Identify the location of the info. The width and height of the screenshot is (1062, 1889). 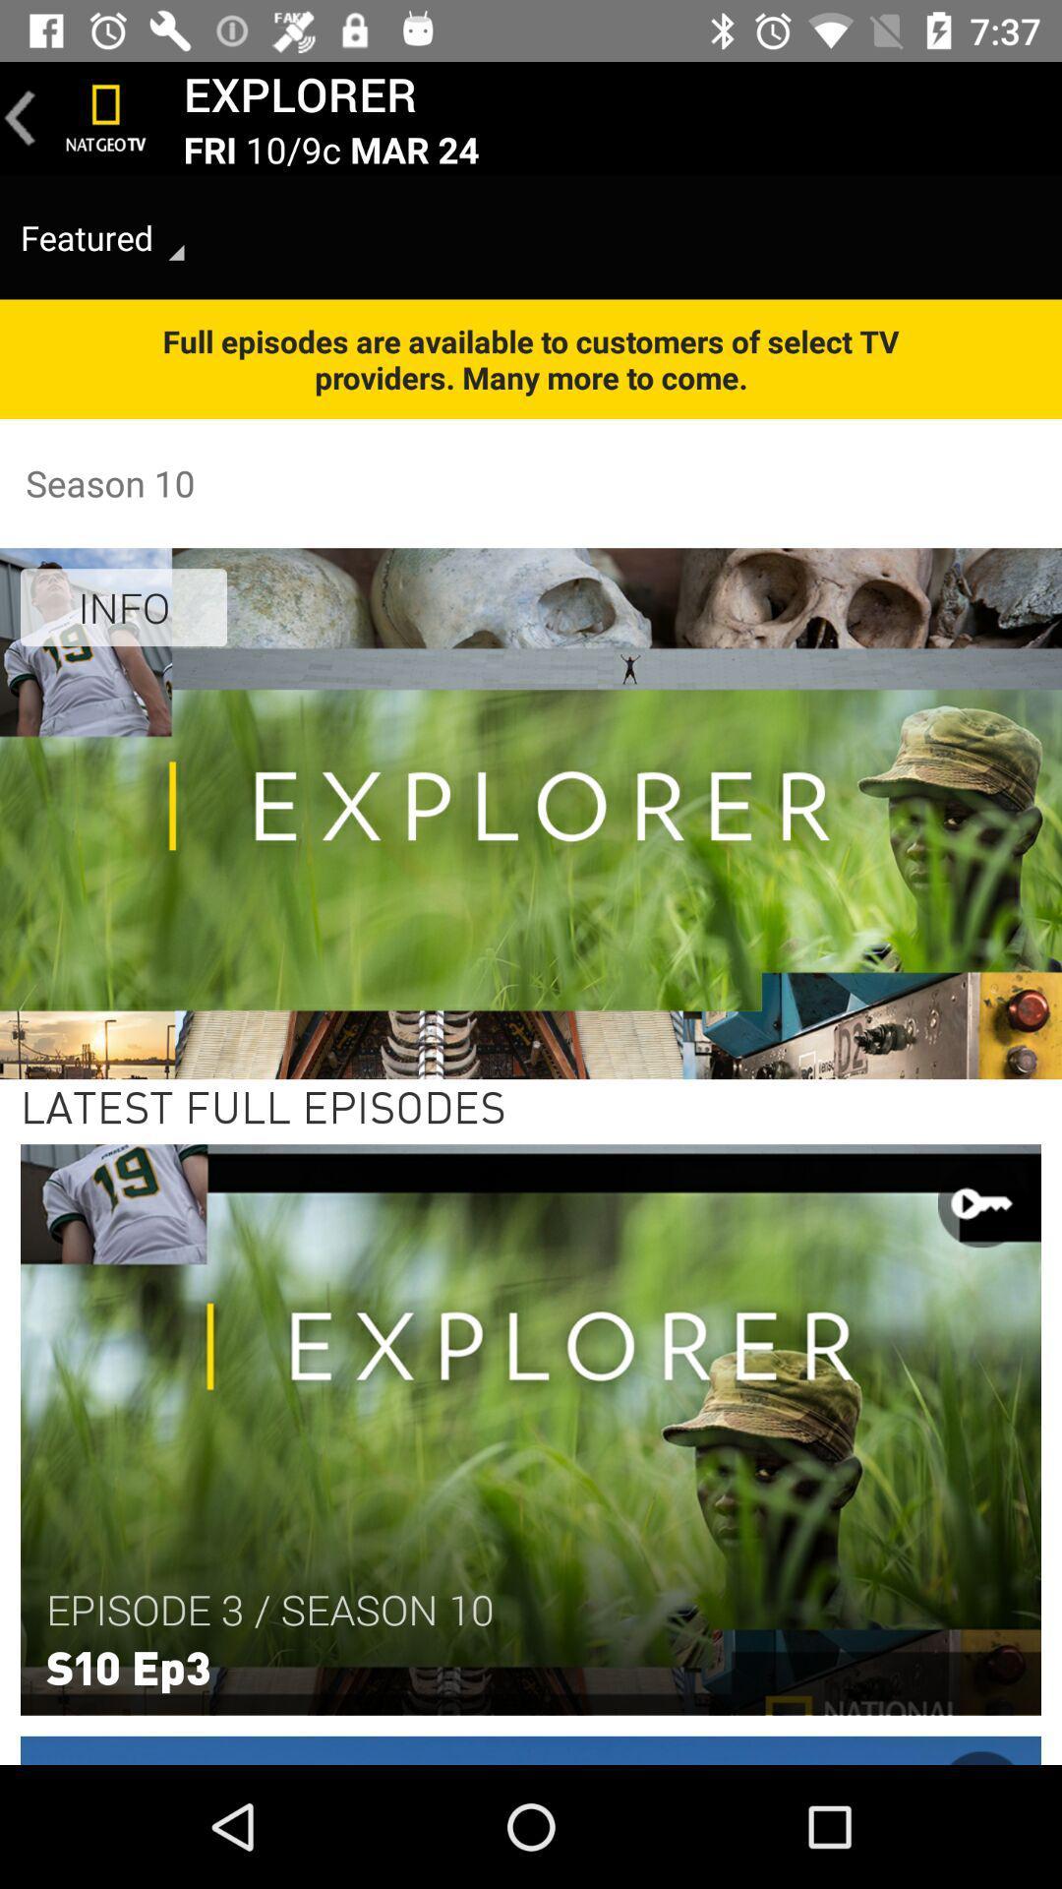
(124, 606).